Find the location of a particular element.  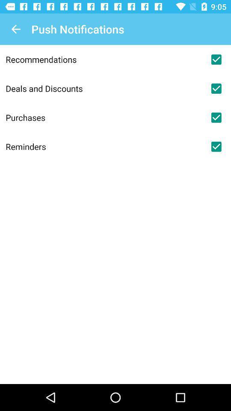

turn on/off reccomendations is located at coordinates (216, 59).